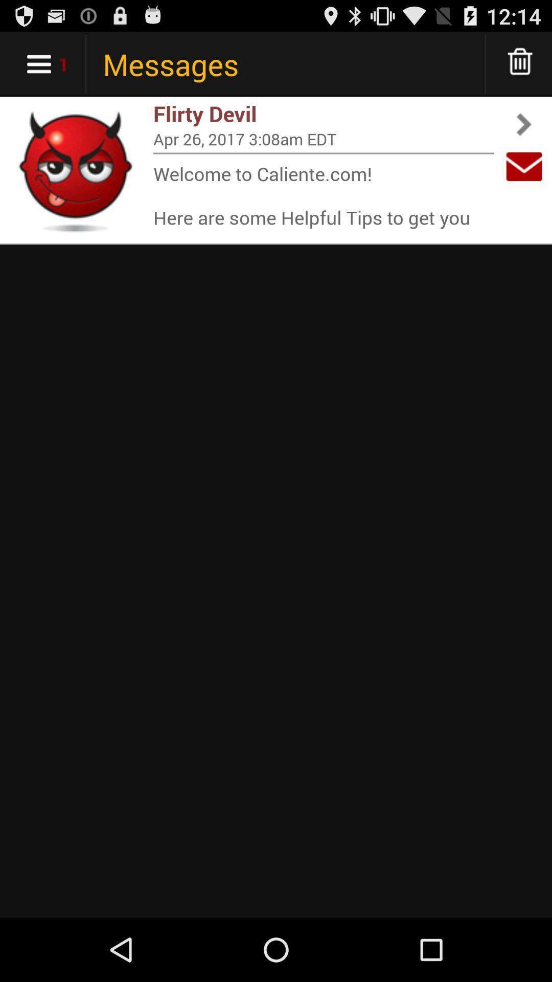  Describe the element at coordinates (323, 195) in the screenshot. I see `the welcome to caliente icon` at that location.